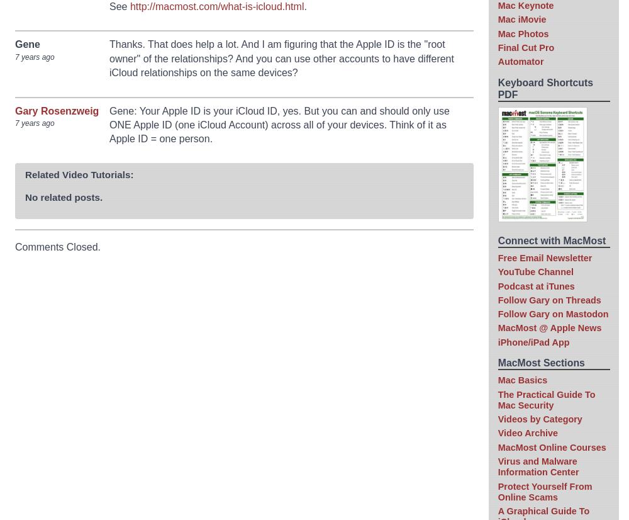 Image resolution: width=629 pixels, height=520 pixels. What do you see at coordinates (535, 271) in the screenshot?
I see `'YouTube Channel'` at bounding box center [535, 271].